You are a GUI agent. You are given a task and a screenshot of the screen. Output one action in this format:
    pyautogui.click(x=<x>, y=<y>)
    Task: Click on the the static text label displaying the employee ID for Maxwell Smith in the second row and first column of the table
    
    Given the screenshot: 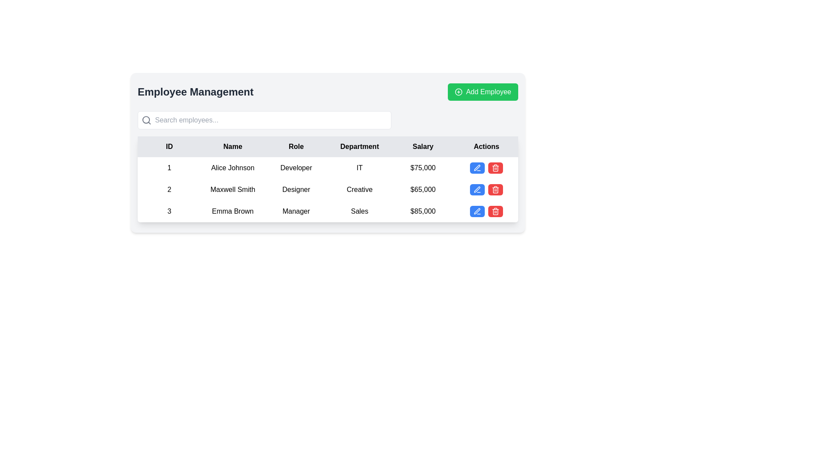 What is the action you would take?
    pyautogui.click(x=169, y=189)
    